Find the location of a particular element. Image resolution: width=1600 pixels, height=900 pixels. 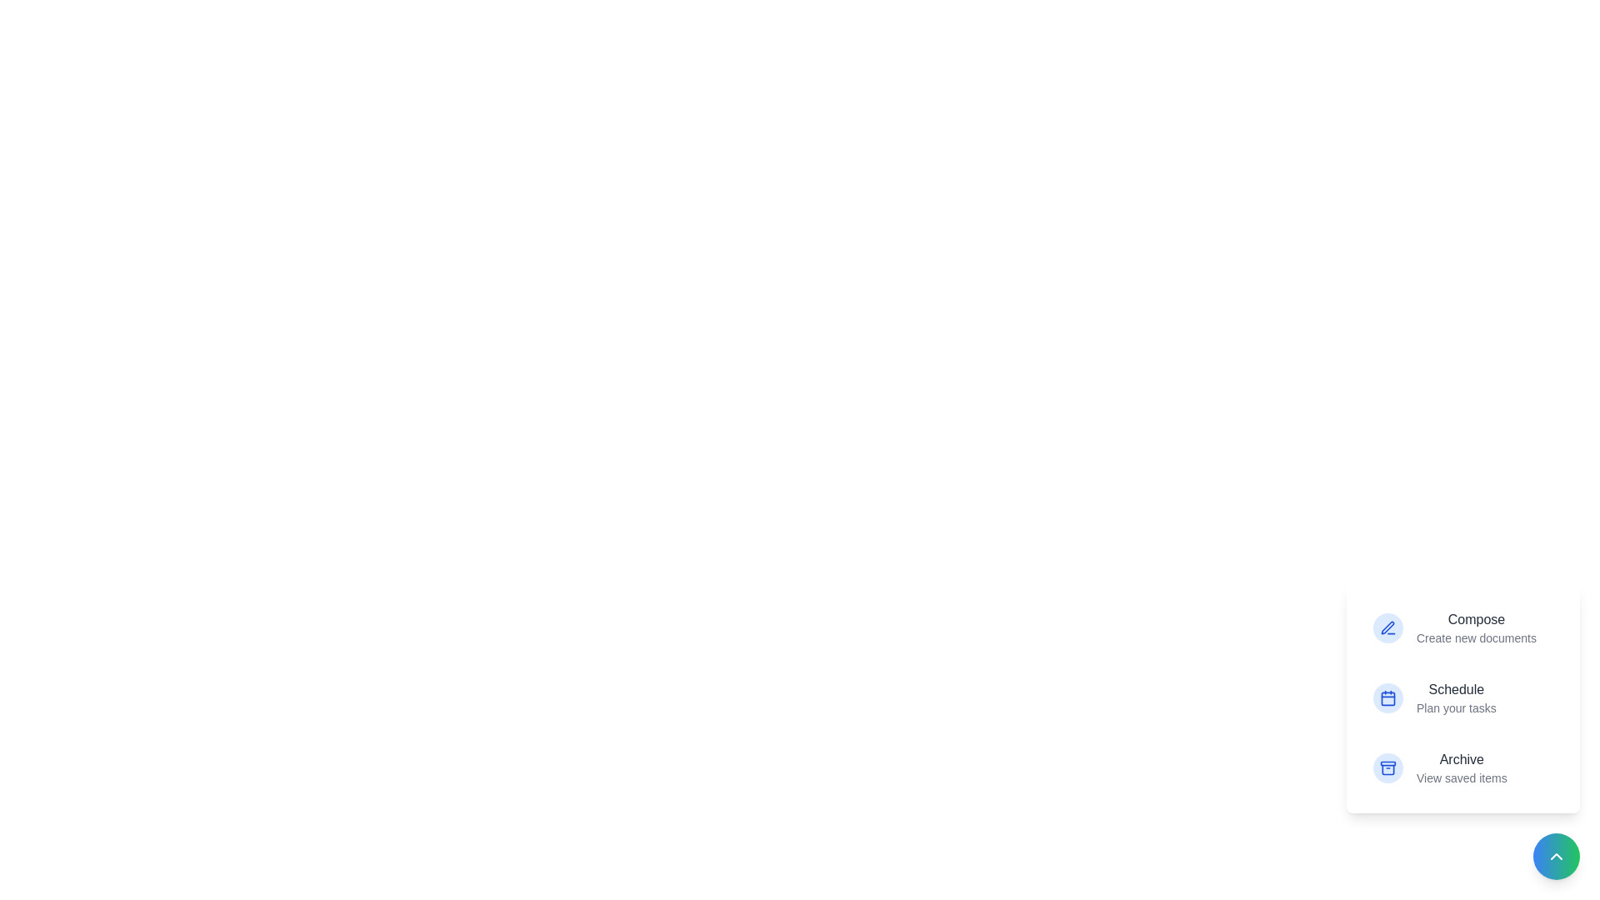

the 'Archive' option to view saved items is located at coordinates (1462, 767).